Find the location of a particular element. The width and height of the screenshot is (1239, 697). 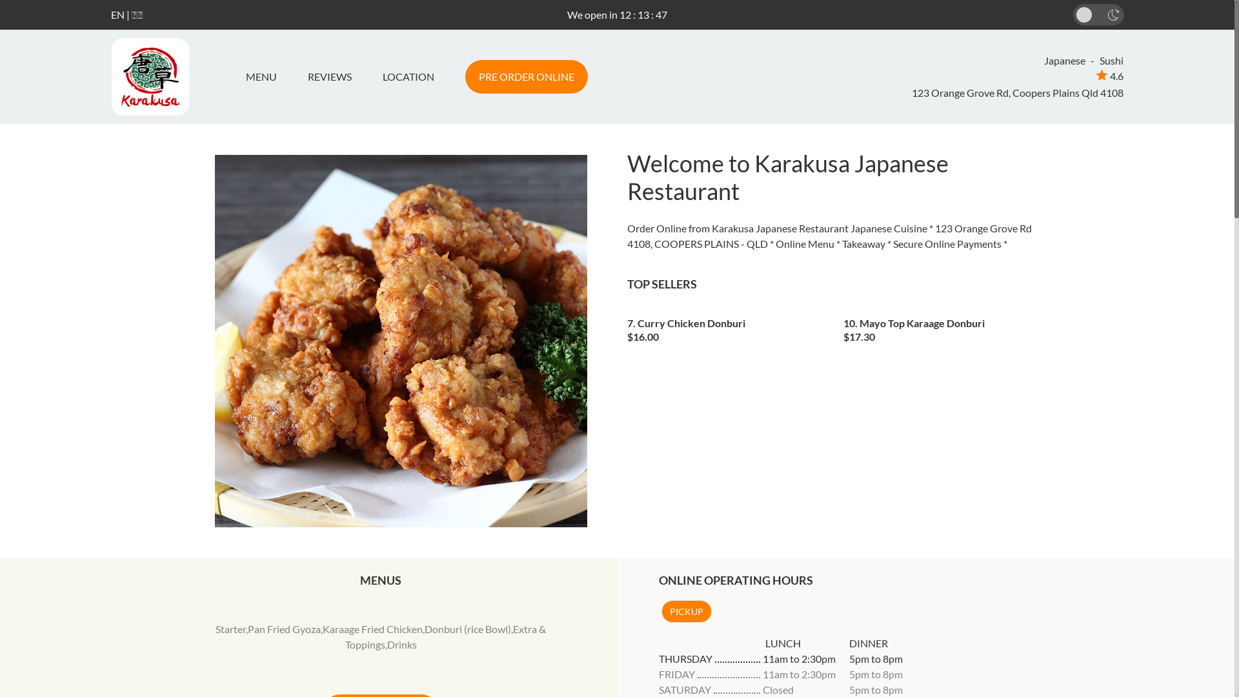

'Drinks' is located at coordinates (401, 644).